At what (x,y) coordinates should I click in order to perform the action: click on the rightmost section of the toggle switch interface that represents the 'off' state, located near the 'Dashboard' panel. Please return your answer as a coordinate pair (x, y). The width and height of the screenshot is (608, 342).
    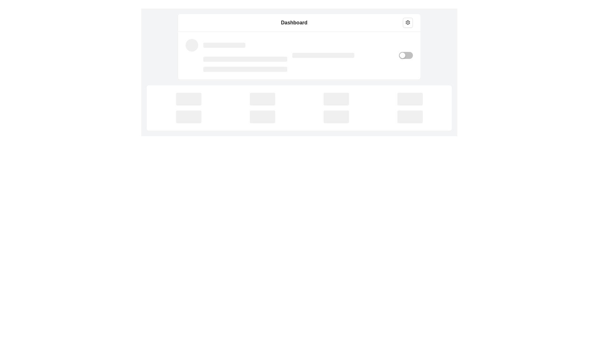
    Looking at the image, I should click on (408, 55).